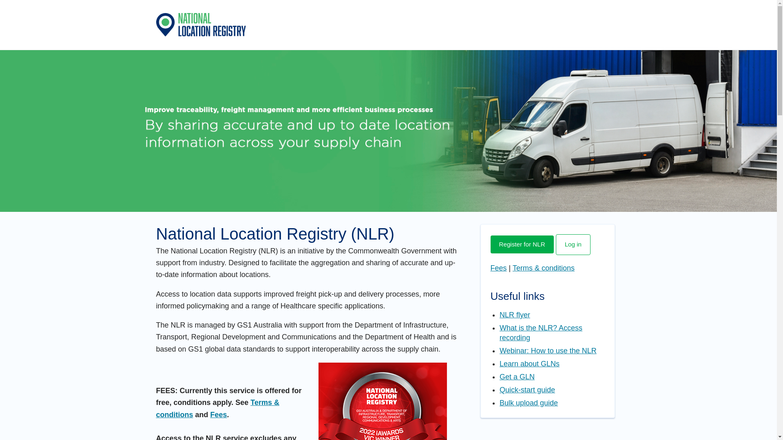  I want to click on 'Terms & conditions', so click(217, 408).